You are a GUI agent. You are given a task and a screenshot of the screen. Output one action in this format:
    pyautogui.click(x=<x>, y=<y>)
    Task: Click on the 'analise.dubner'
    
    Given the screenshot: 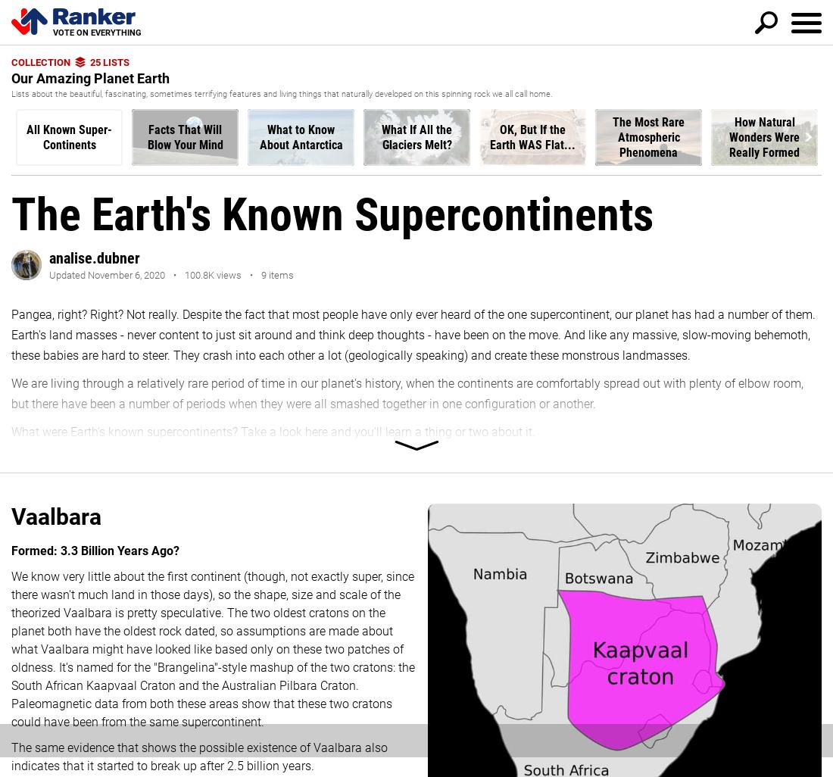 What is the action you would take?
    pyautogui.click(x=94, y=257)
    